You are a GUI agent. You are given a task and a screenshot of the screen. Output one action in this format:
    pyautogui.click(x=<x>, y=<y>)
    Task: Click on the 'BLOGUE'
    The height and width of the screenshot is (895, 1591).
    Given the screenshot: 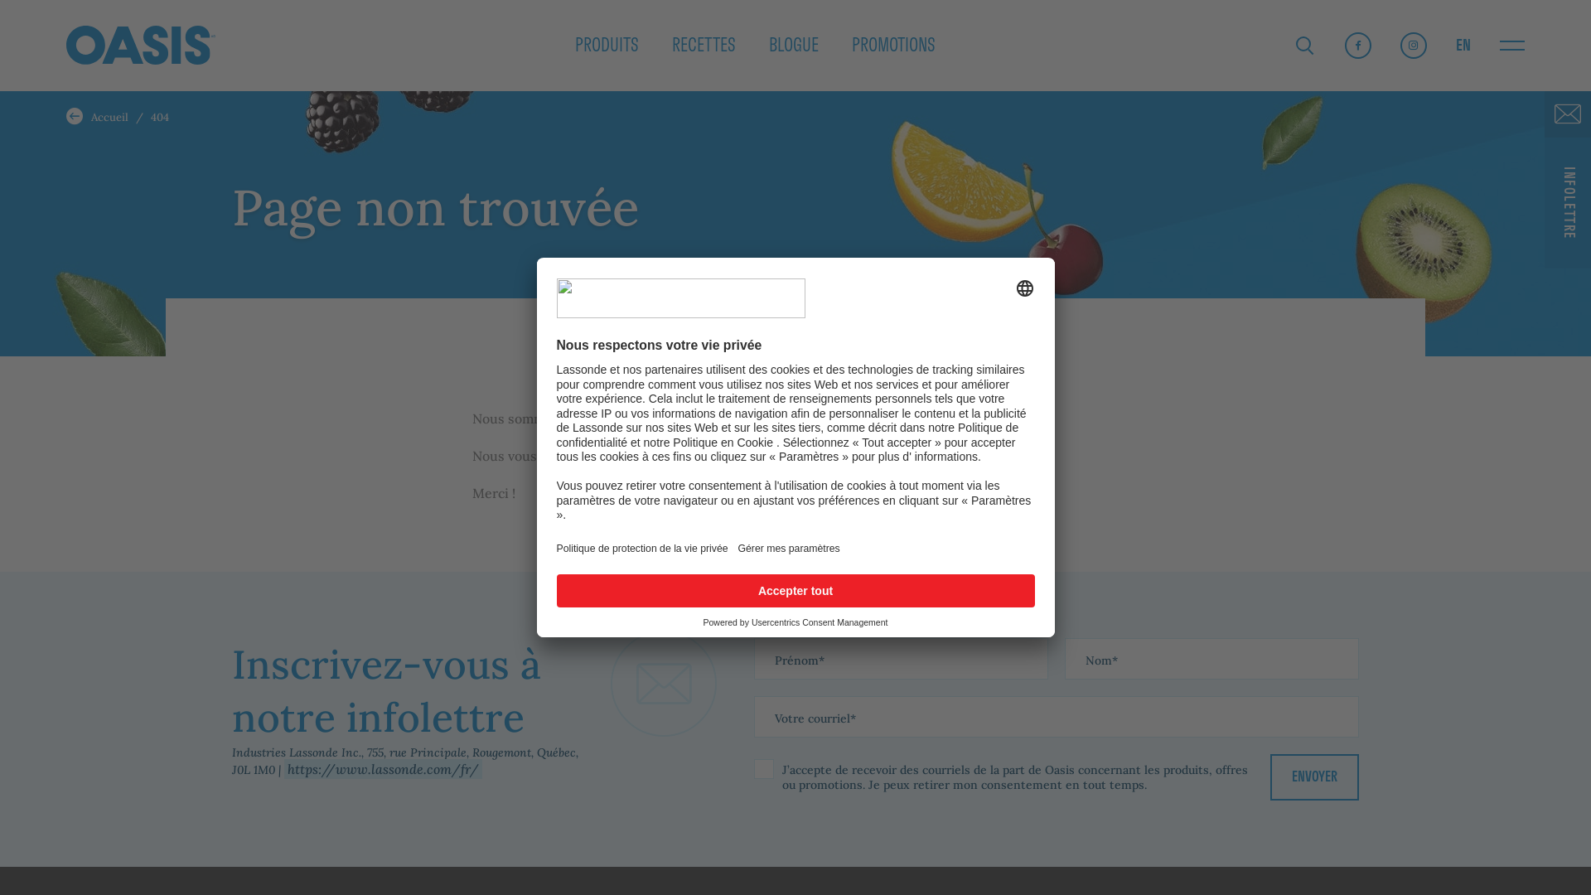 What is the action you would take?
    pyautogui.click(x=793, y=44)
    